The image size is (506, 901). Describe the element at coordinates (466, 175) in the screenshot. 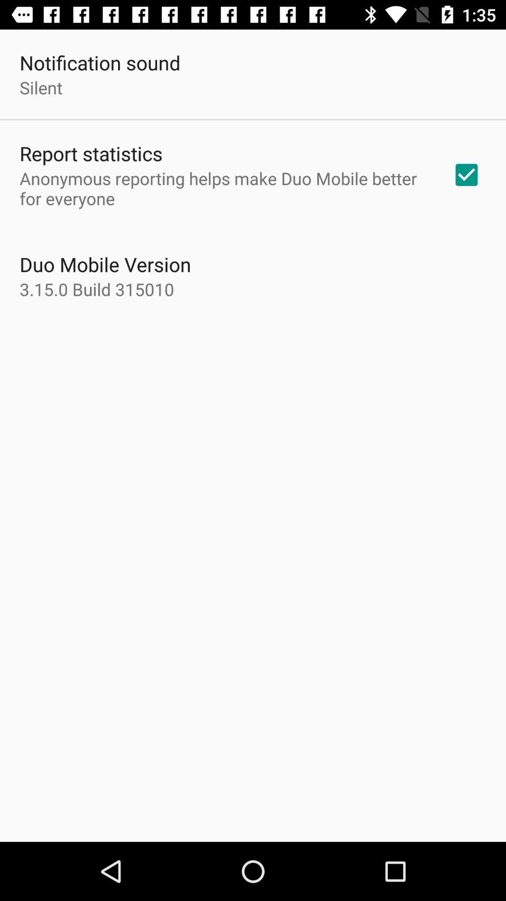

I see `the item next to anonymous reporting helps` at that location.